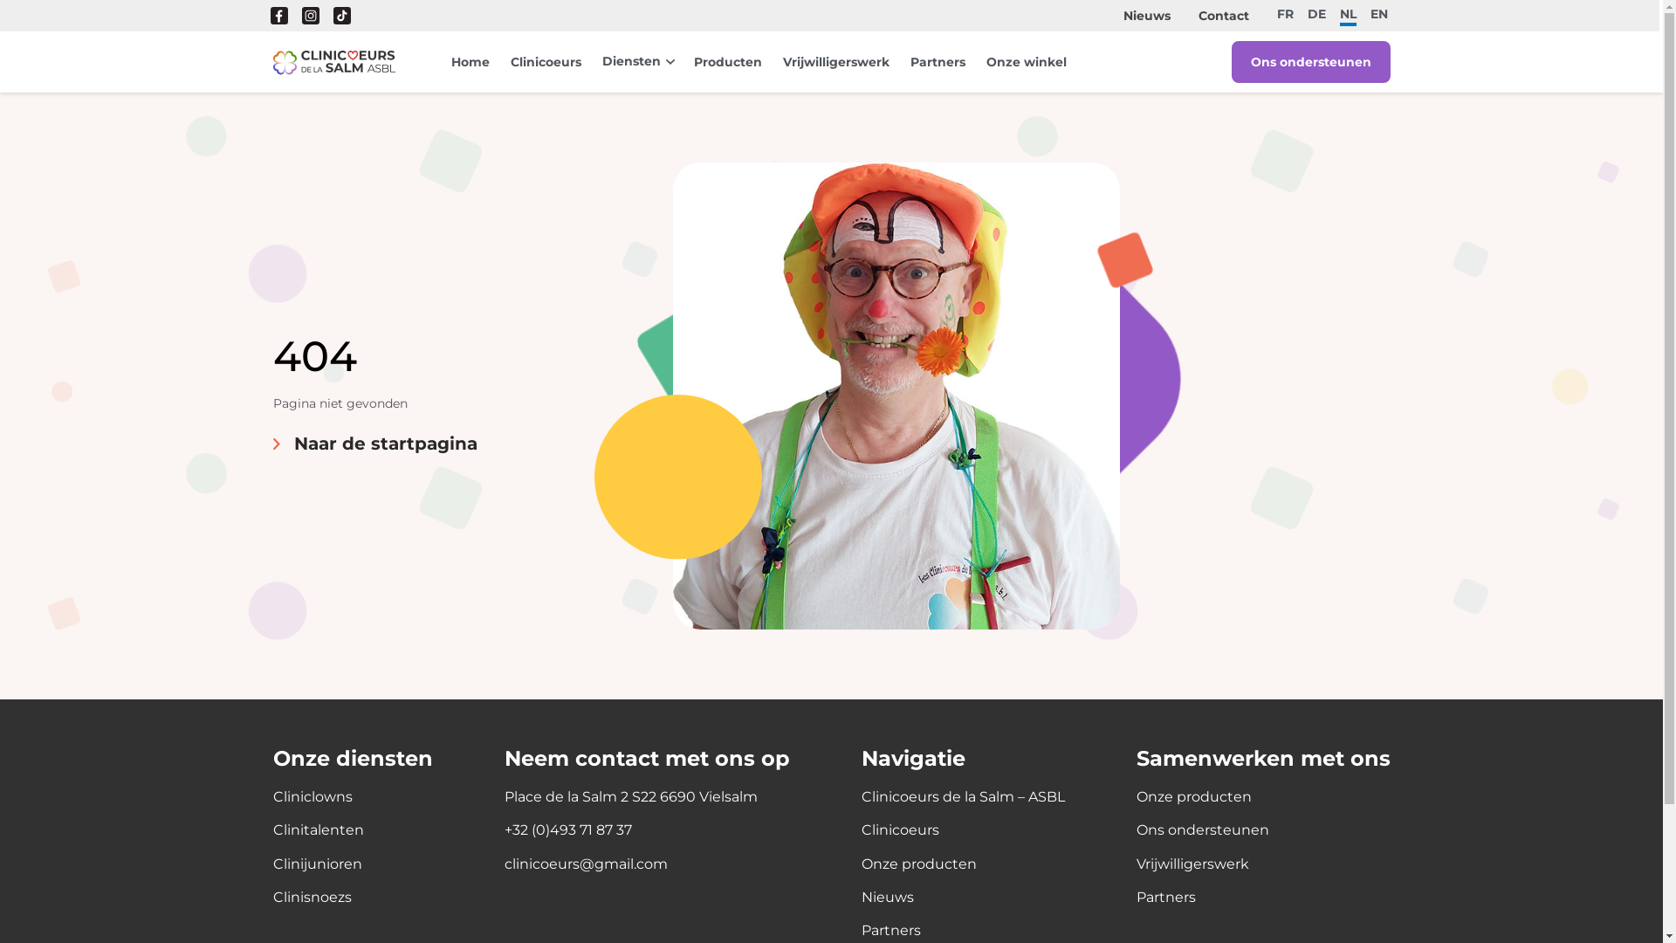  What do you see at coordinates (908, 60) in the screenshot?
I see `'Partners'` at bounding box center [908, 60].